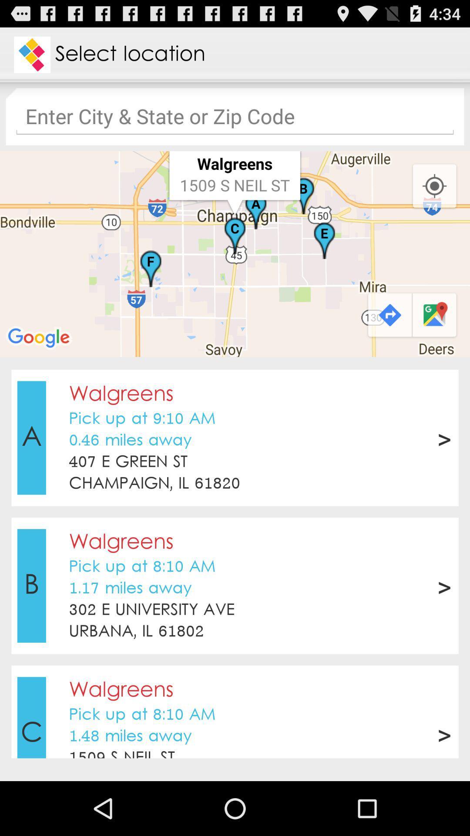 The width and height of the screenshot is (470, 836). I want to click on the item next to > icon, so click(128, 462).